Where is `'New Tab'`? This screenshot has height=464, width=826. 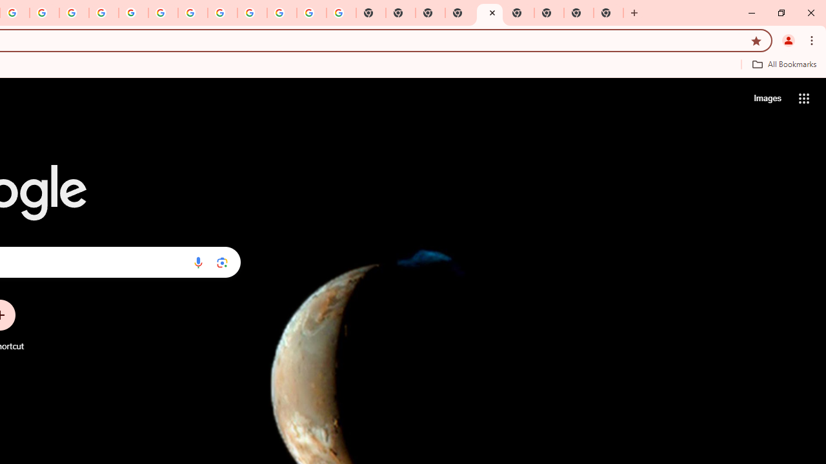
'New Tab' is located at coordinates (459, 13).